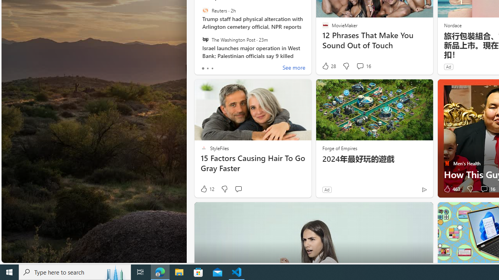 This screenshot has height=280, width=499. Describe the element at coordinates (212, 68) in the screenshot. I see `'tab-2'` at that location.